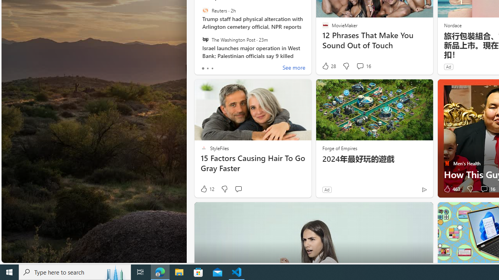 This screenshot has height=280, width=499. Describe the element at coordinates (212, 68) in the screenshot. I see `'tab-2'` at that location.